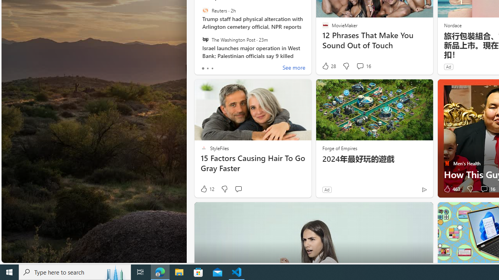 This screenshot has height=280, width=499. Describe the element at coordinates (212, 68) in the screenshot. I see `'tab-2'` at that location.